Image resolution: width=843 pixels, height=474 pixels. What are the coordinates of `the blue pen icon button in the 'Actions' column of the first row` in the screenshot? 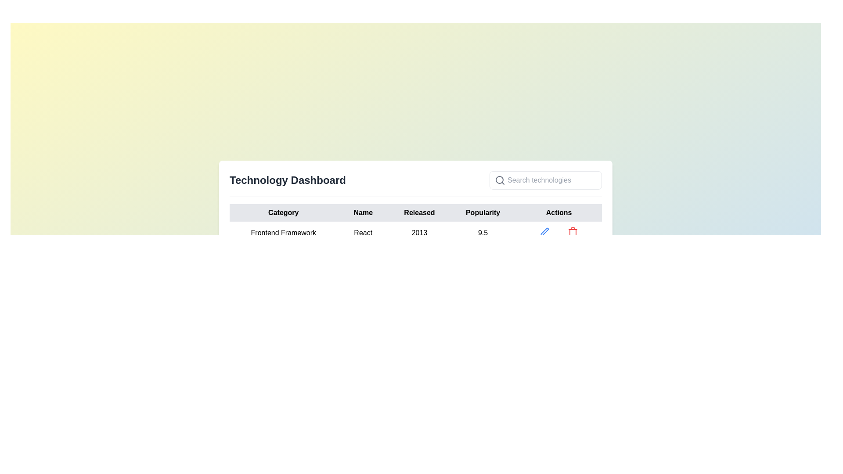 It's located at (544, 231).